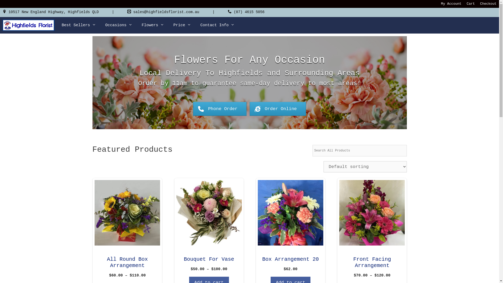 The image size is (503, 283). What do you see at coordinates (79, 25) in the screenshot?
I see `'Best Sellers'` at bounding box center [79, 25].